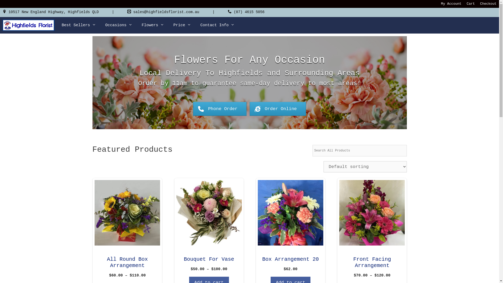 The image size is (503, 283). What do you see at coordinates (79, 25) in the screenshot?
I see `'Best Sellers'` at bounding box center [79, 25].